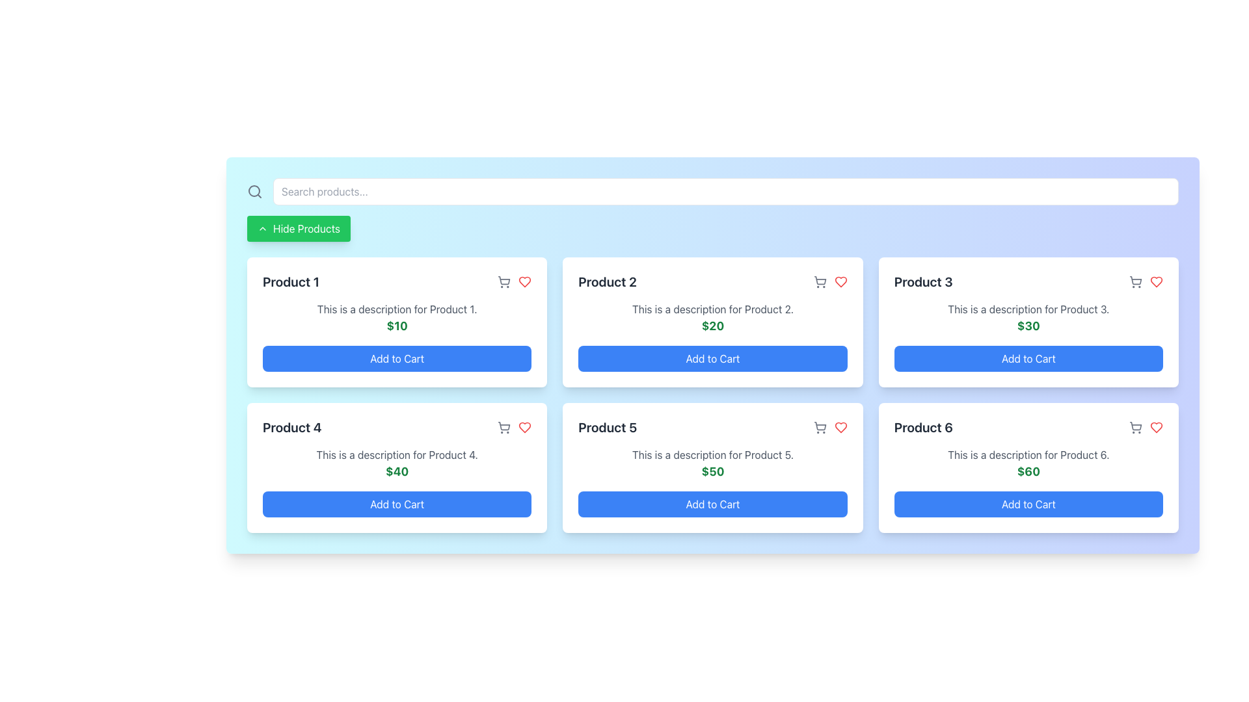 This screenshot has width=1249, height=702. I want to click on the heart icon located in the top-right corner of the product card to mark it as favorite, so click(524, 428).